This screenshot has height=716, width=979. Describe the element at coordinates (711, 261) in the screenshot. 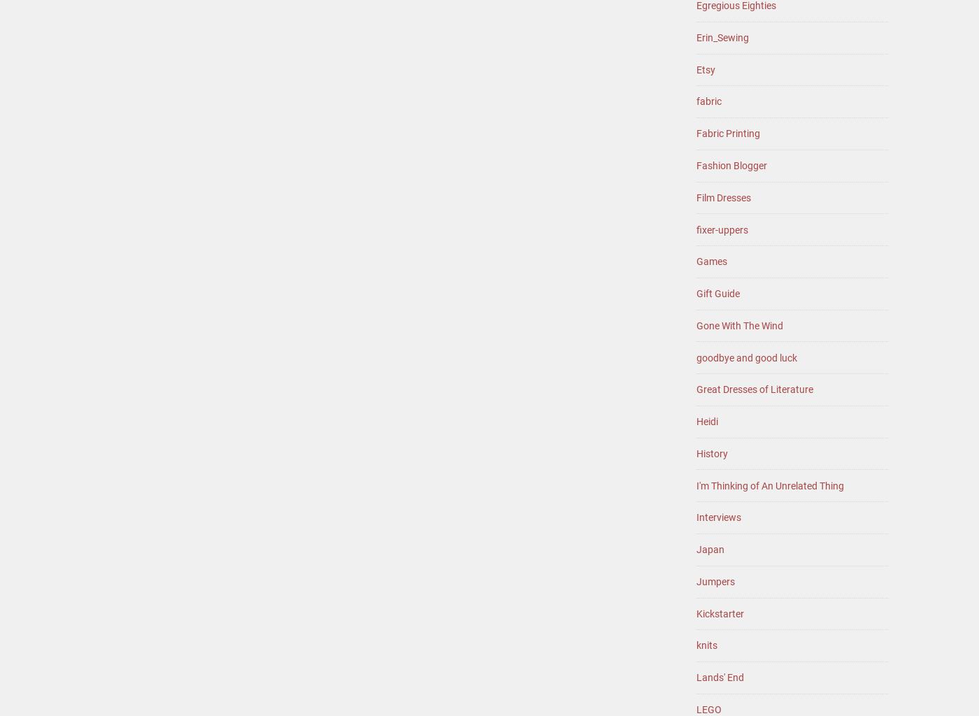

I see `'Games'` at that location.